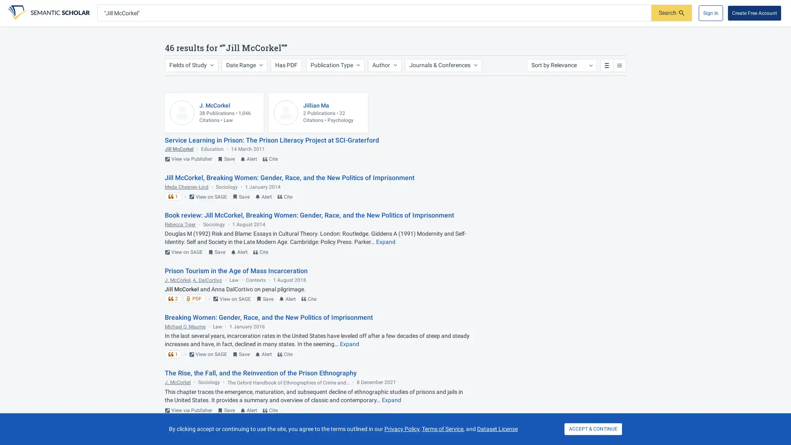 This screenshot has width=791, height=445. Describe the element at coordinates (241, 197) in the screenshot. I see `Save to Library` at that location.